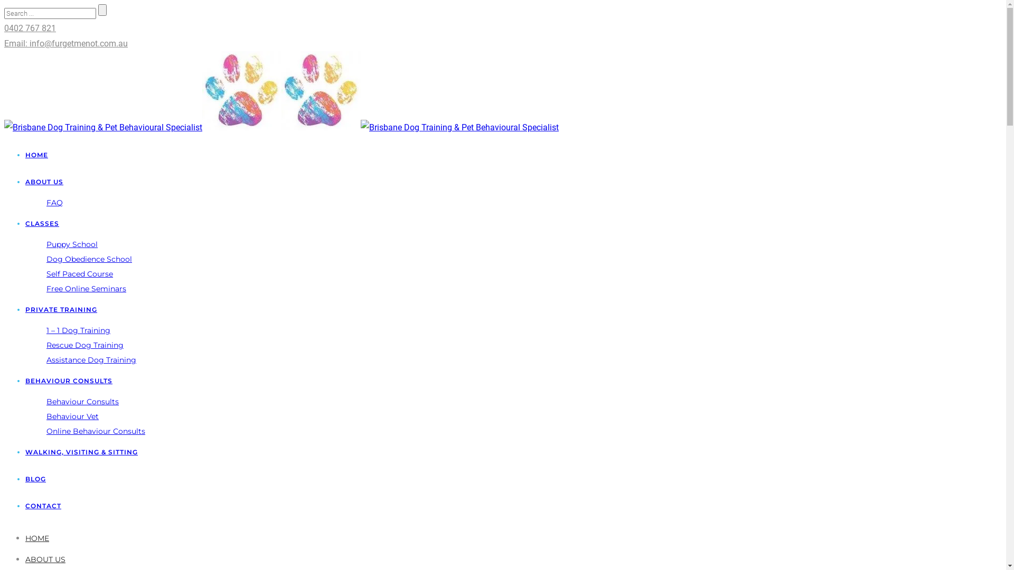  I want to click on 'Free Online Seminars', so click(86, 289).